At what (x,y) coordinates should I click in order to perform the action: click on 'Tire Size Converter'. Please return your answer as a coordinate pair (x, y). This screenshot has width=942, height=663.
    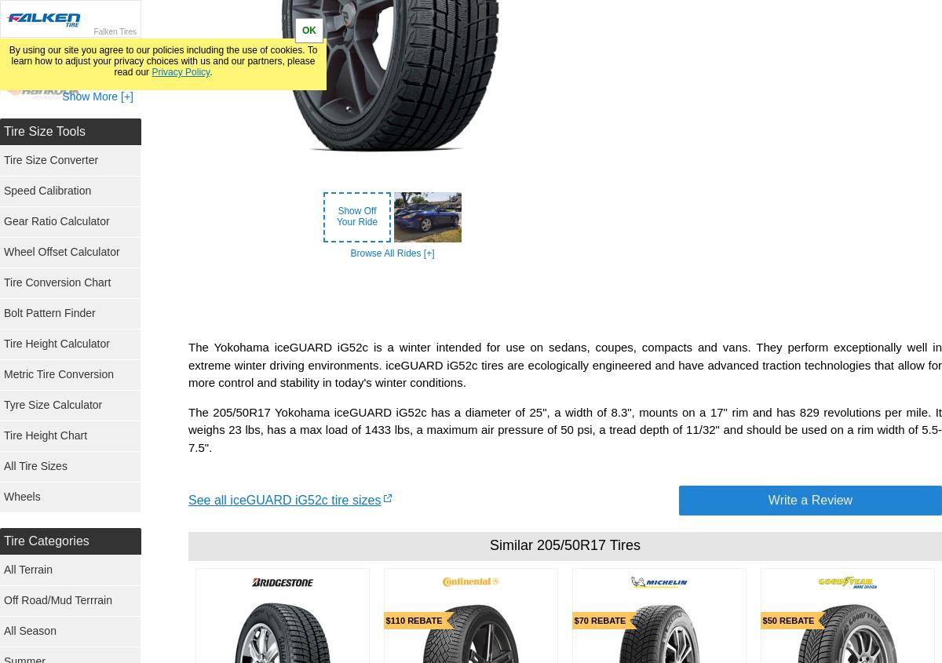
    Looking at the image, I should click on (51, 158).